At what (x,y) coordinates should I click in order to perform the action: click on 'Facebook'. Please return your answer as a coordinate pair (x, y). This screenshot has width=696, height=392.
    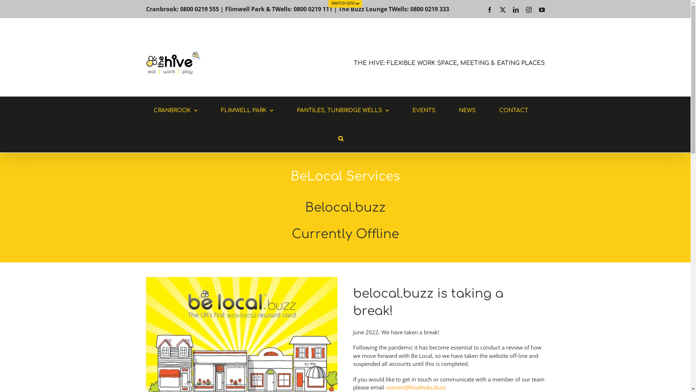
    Looking at the image, I should click on (489, 10).